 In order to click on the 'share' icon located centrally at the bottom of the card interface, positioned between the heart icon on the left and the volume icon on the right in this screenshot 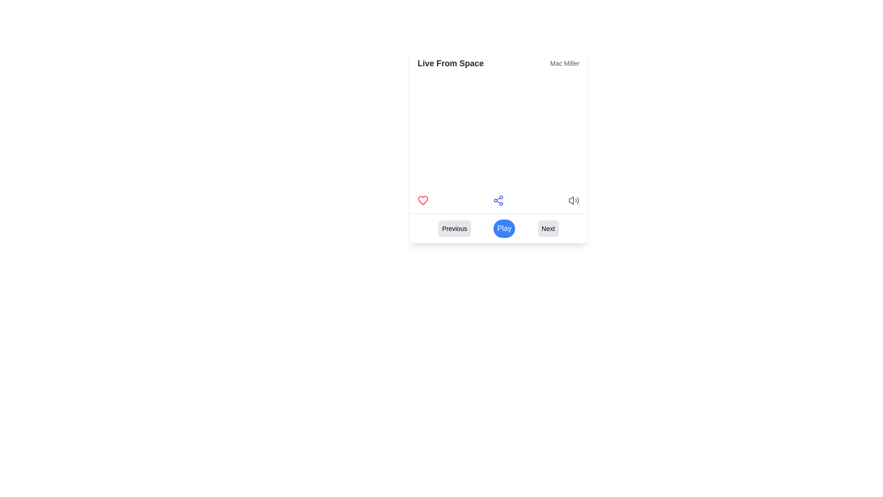, I will do `click(498, 200)`.